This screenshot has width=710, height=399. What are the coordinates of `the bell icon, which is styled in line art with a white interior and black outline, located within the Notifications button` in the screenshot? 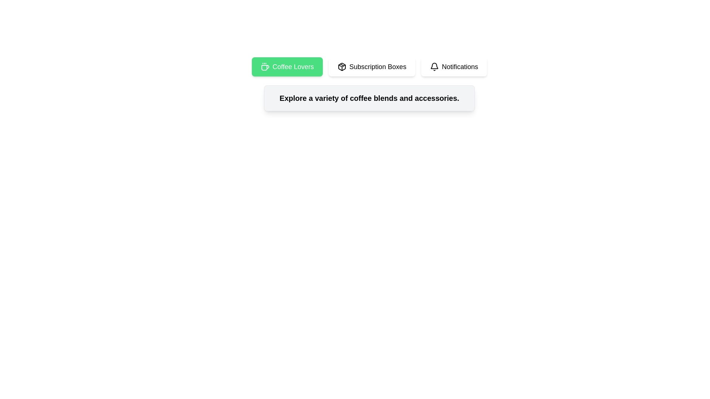 It's located at (434, 67).